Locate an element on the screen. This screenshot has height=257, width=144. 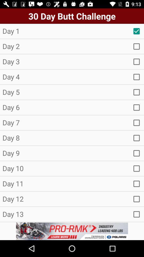
new page is located at coordinates (137, 77).